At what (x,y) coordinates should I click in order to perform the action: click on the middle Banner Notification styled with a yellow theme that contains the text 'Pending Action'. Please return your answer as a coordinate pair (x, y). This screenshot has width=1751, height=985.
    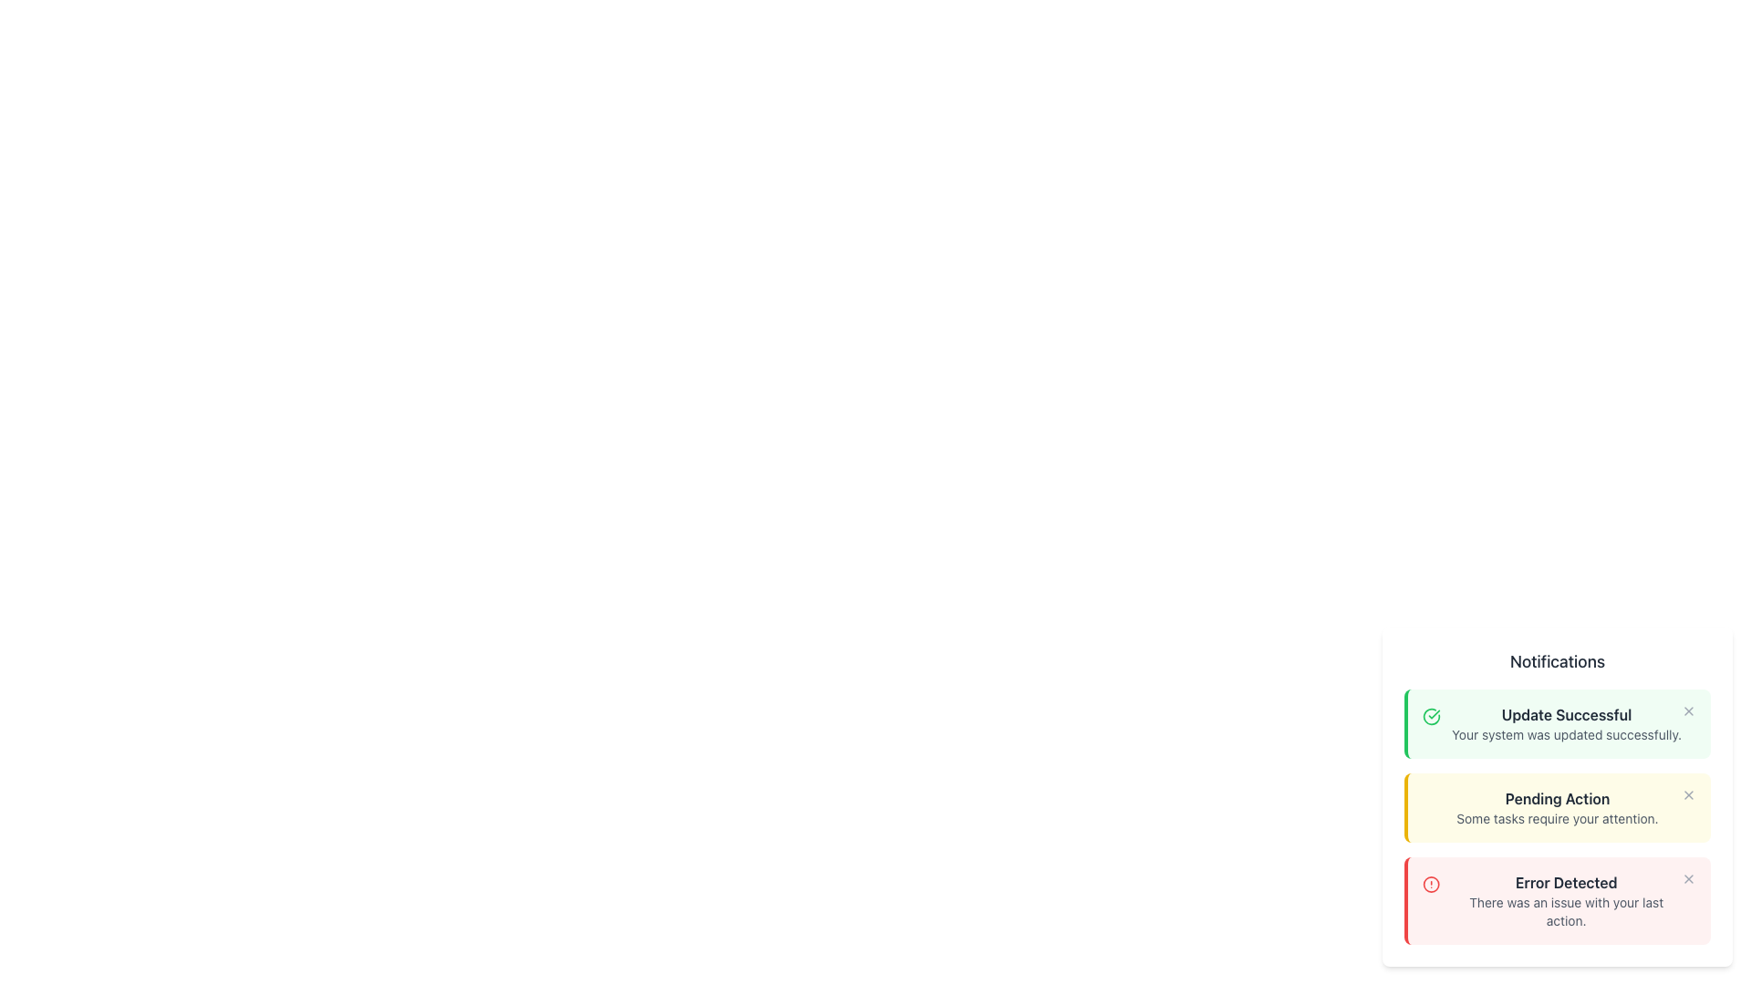
    Looking at the image, I should click on (1557, 807).